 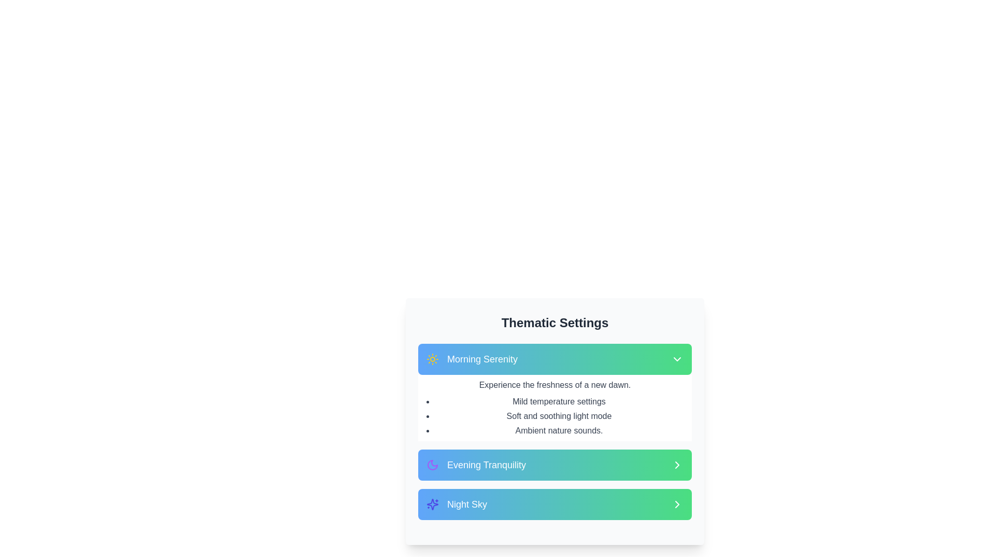 What do you see at coordinates (554, 385) in the screenshot?
I see `the text element displaying 'Experience the freshness of a new dawn.' located beneath the 'Morning Serenity' header` at bounding box center [554, 385].